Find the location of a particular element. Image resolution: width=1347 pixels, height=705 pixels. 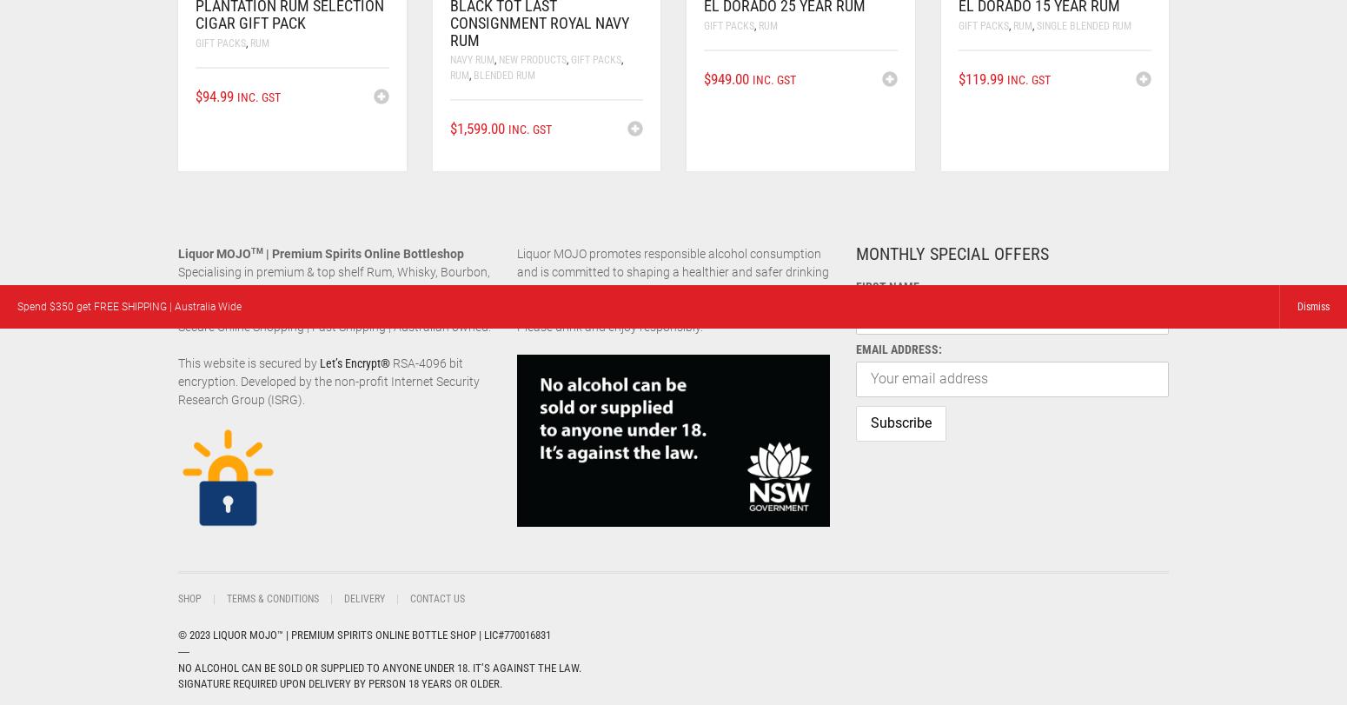

'119.99' is located at coordinates (982, 78).